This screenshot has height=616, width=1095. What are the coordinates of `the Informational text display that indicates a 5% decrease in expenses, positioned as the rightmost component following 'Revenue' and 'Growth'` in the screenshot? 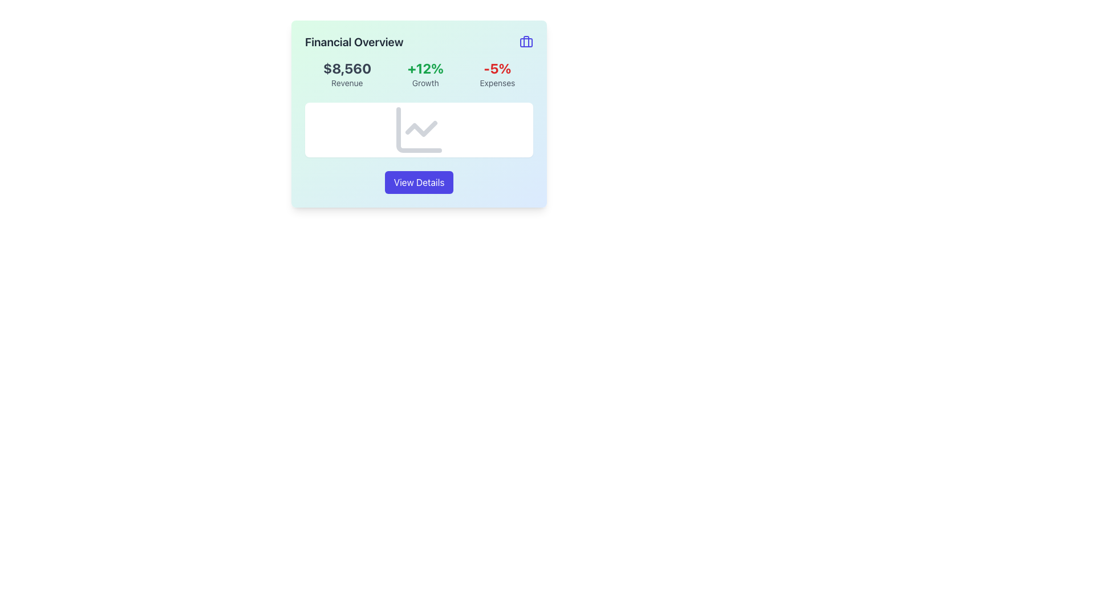 It's located at (497, 74).